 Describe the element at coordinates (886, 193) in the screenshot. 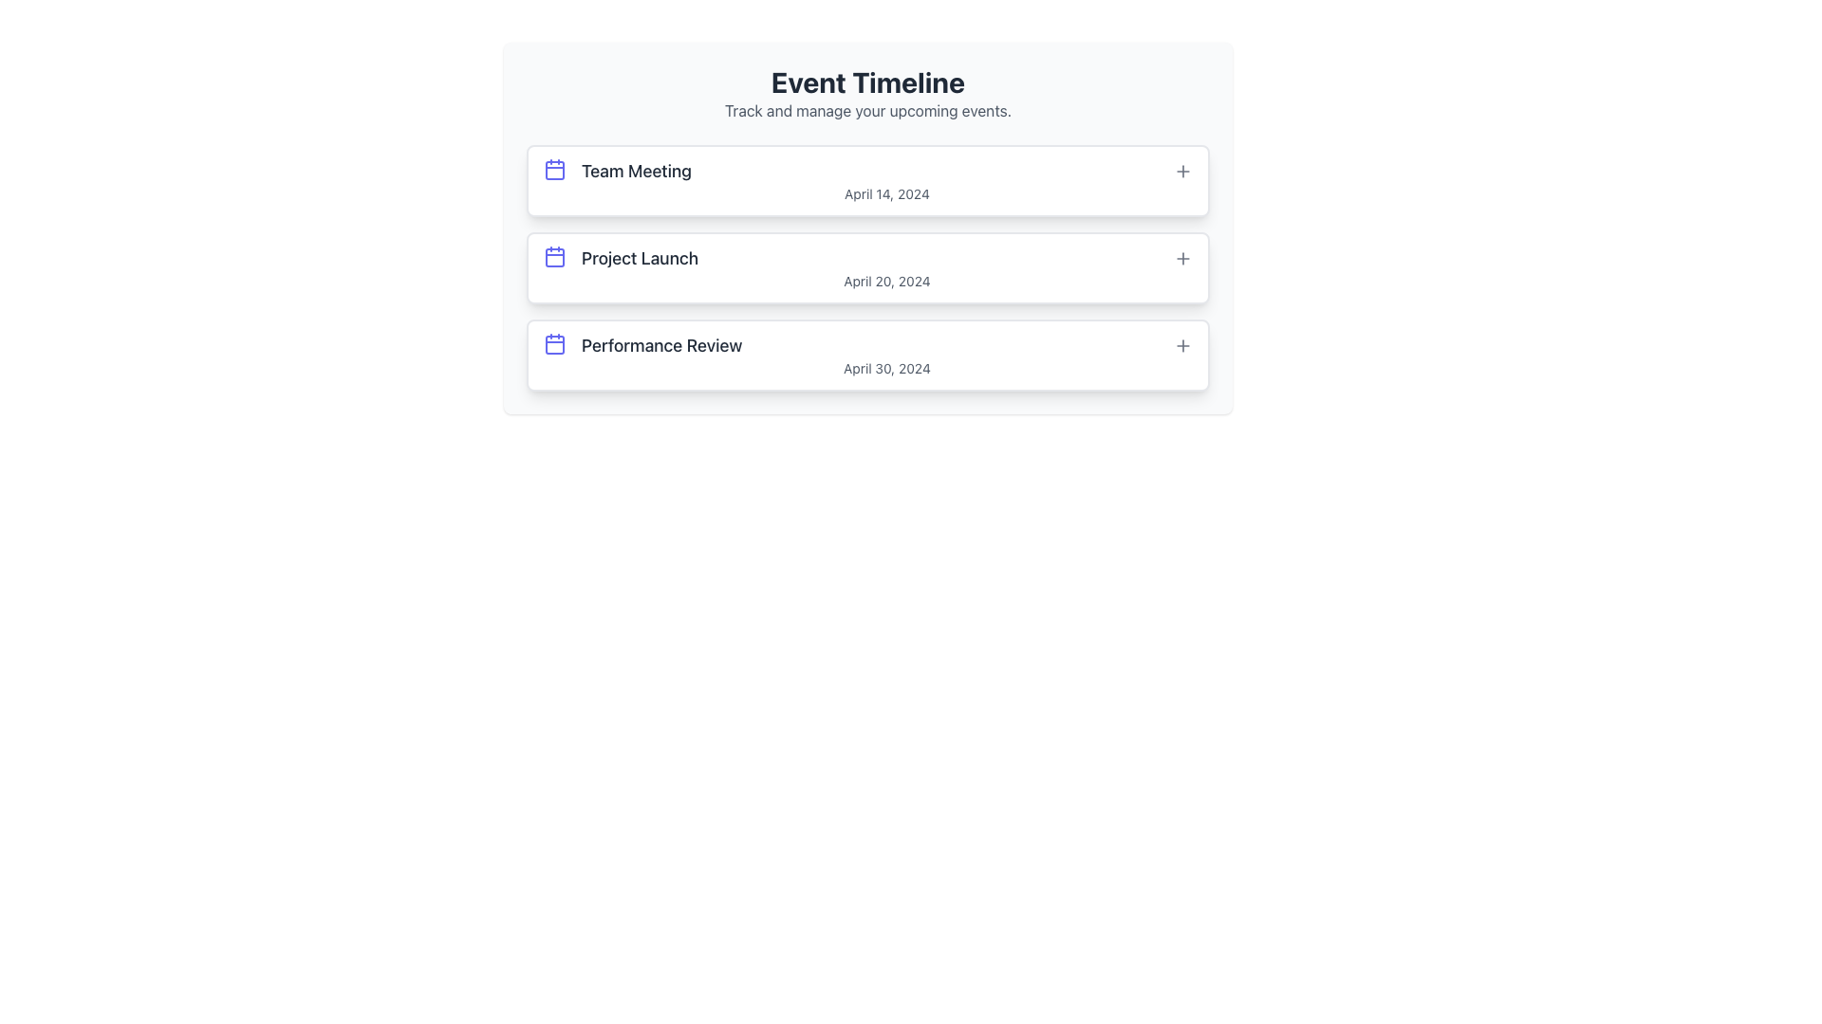

I see `date information displayed next to the 'Team Meeting' event entry on the timeline` at that location.